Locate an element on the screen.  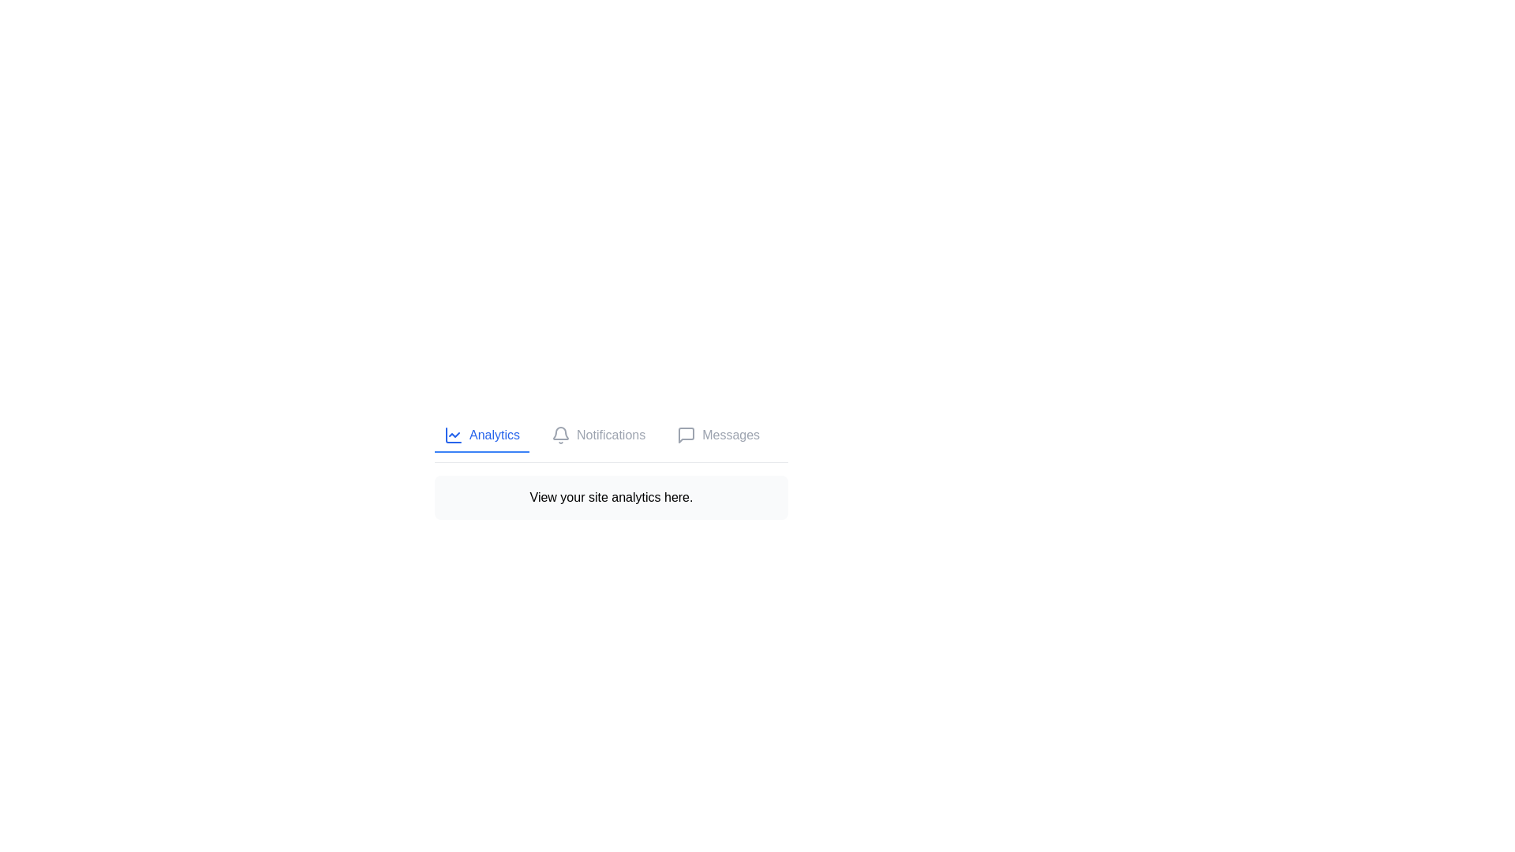
the Messages tab by clicking on its button is located at coordinates (718, 435).